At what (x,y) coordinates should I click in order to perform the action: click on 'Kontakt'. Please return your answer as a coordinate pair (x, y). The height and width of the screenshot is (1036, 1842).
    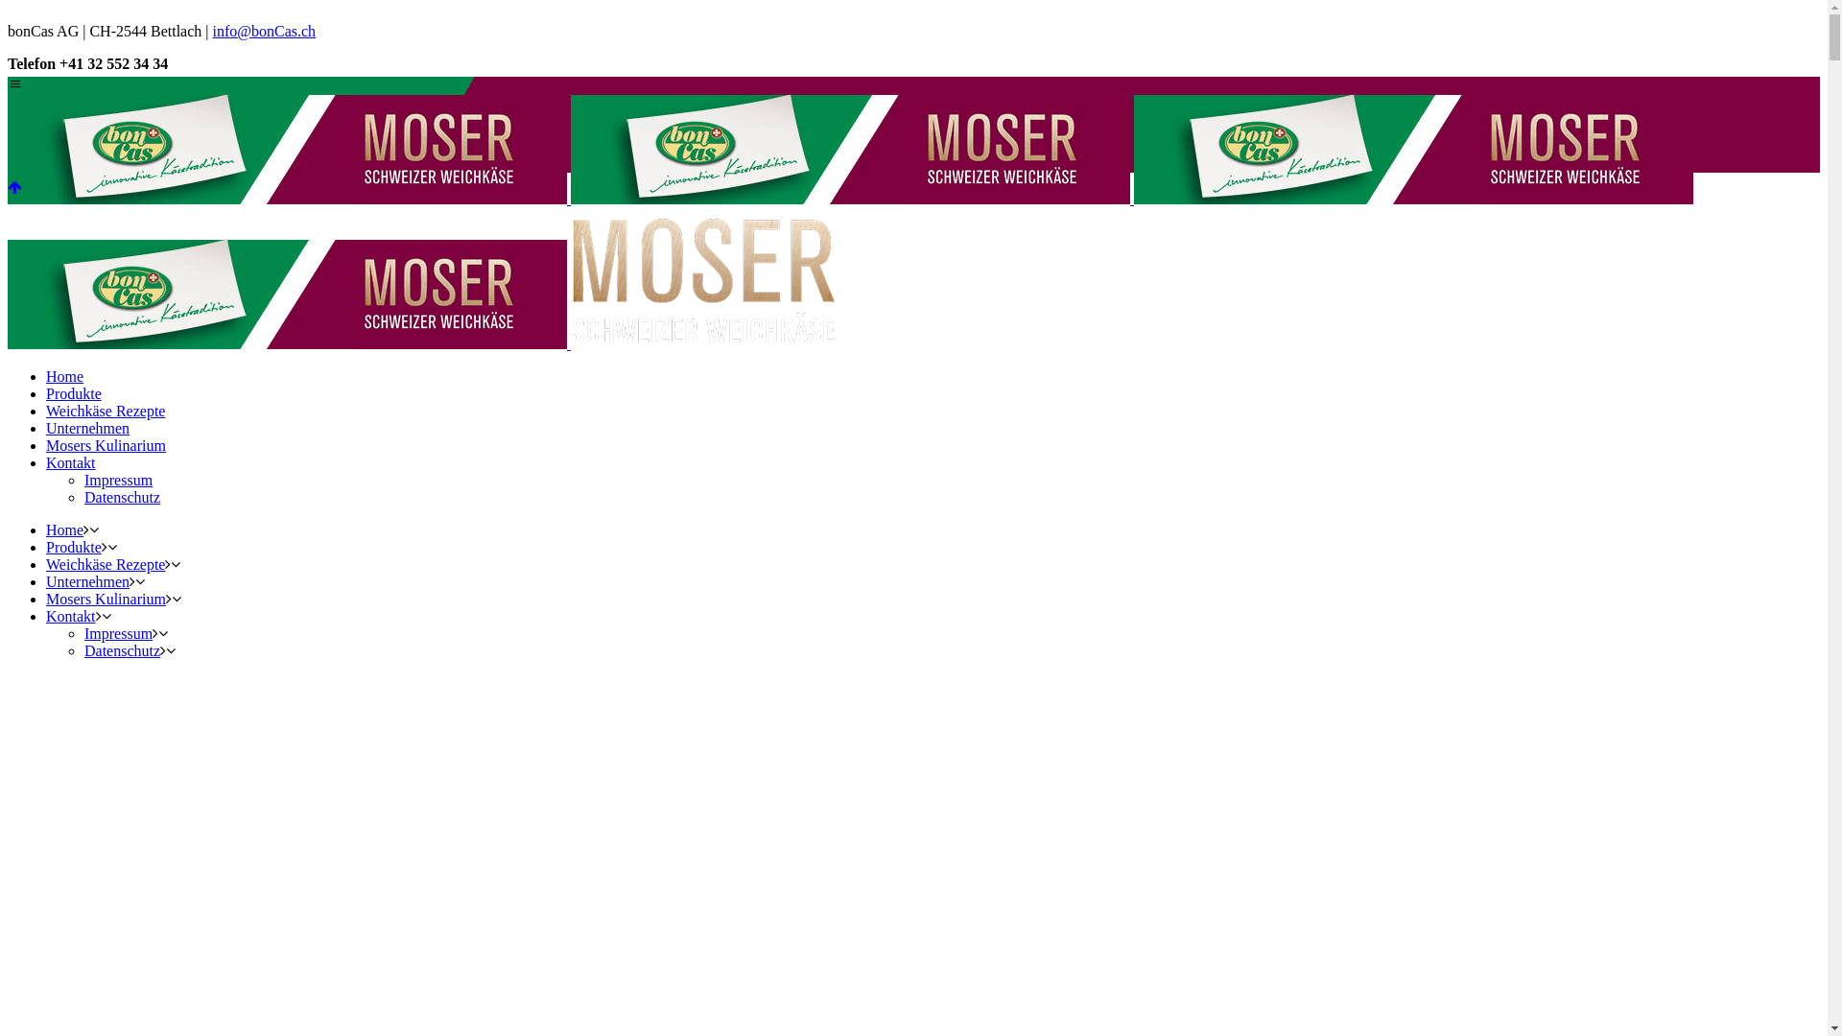
    Looking at the image, I should click on (70, 616).